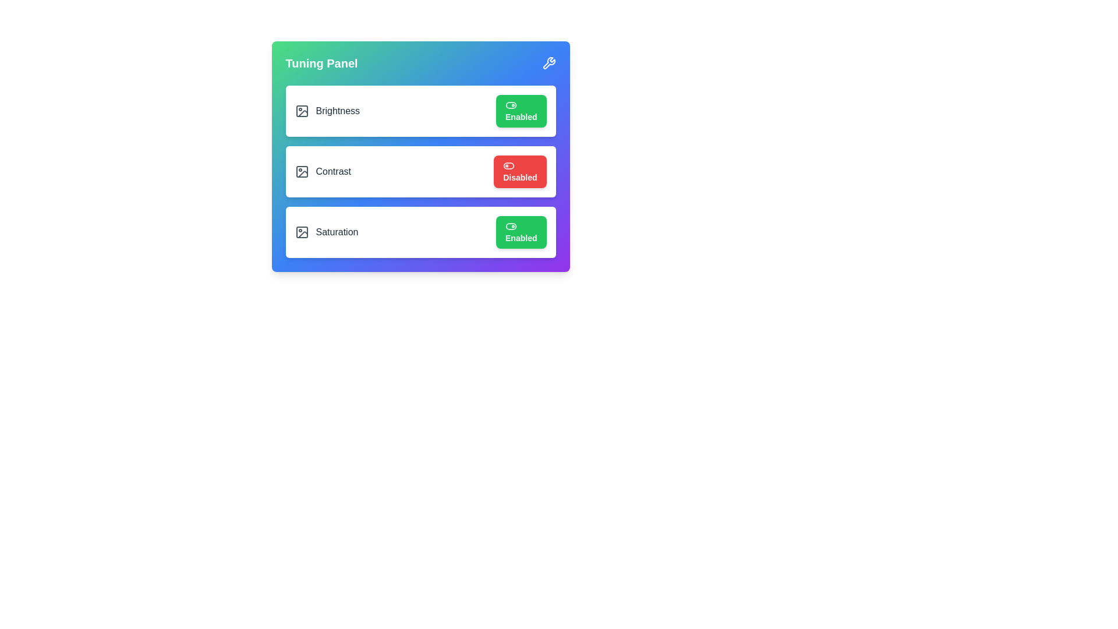  I want to click on the wrench icon located at the top-right corner of the panel, so click(548, 63).